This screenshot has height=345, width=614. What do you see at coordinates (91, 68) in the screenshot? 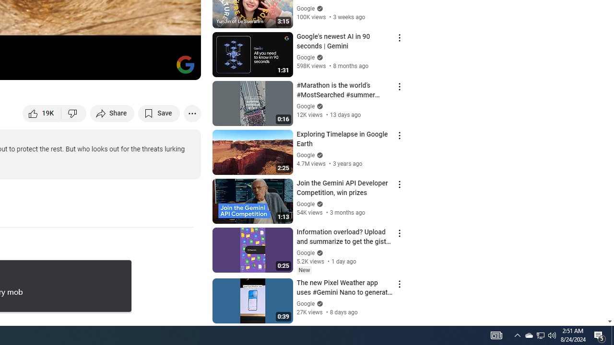
I see `'Subtitles/closed captions unavailable'` at bounding box center [91, 68].